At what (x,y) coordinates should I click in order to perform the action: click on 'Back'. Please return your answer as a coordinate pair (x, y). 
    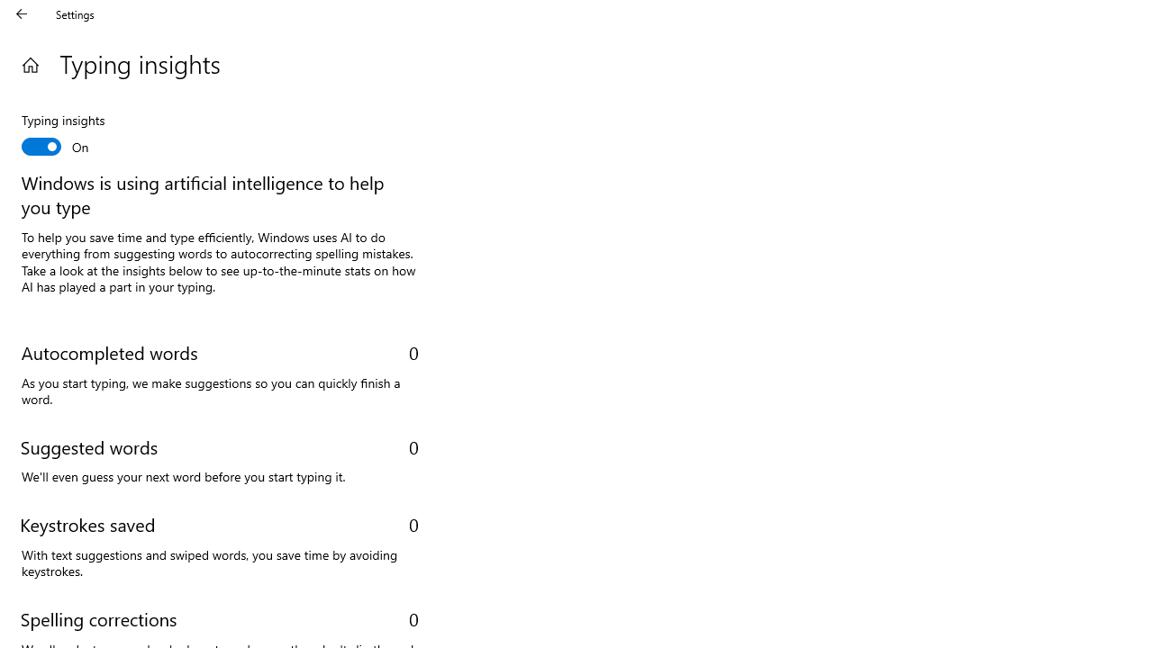
    Looking at the image, I should click on (22, 13).